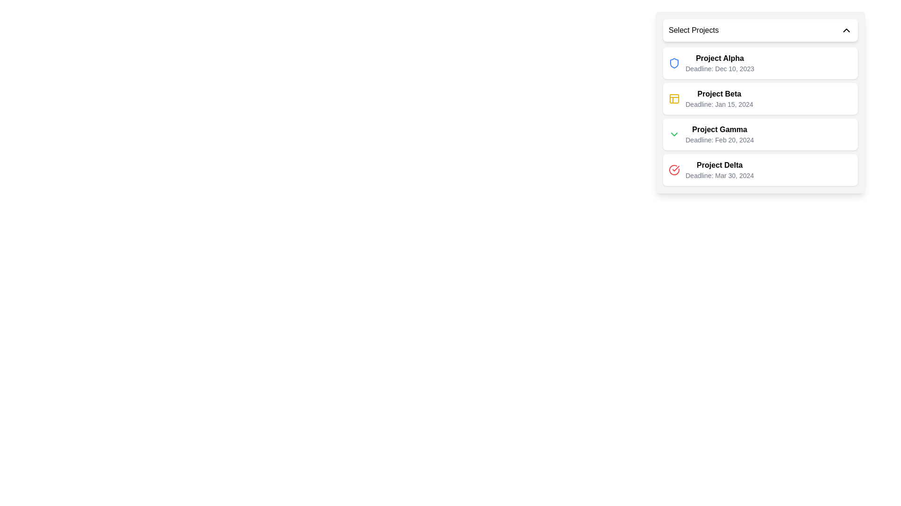  What do you see at coordinates (760, 30) in the screenshot?
I see `the Dropdown Toggle labeled 'Select Projects'` at bounding box center [760, 30].